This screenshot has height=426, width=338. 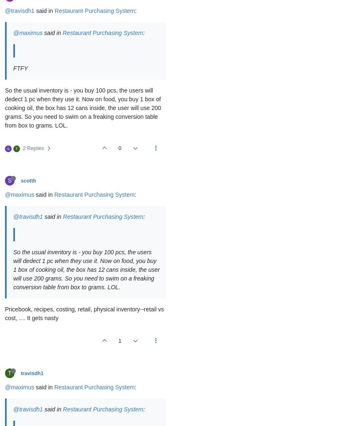 What do you see at coordinates (119, 341) in the screenshot?
I see `'1'` at bounding box center [119, 341].